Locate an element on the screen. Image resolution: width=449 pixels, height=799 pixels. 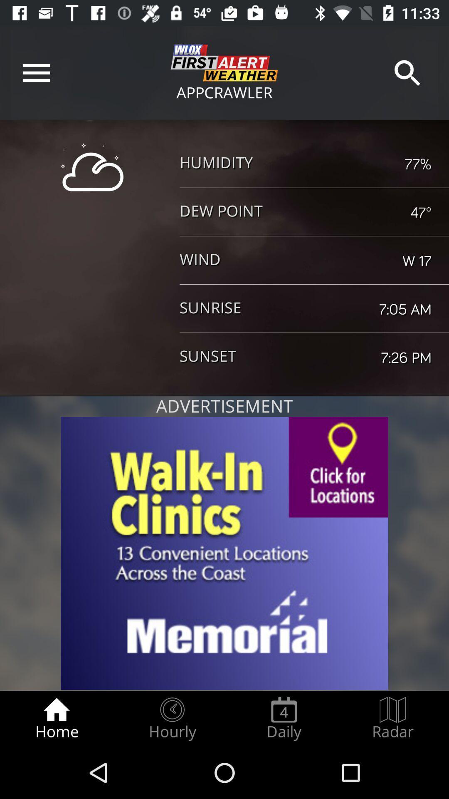
the radio button to the left of the daily icon is located at coordinates (172, 718).